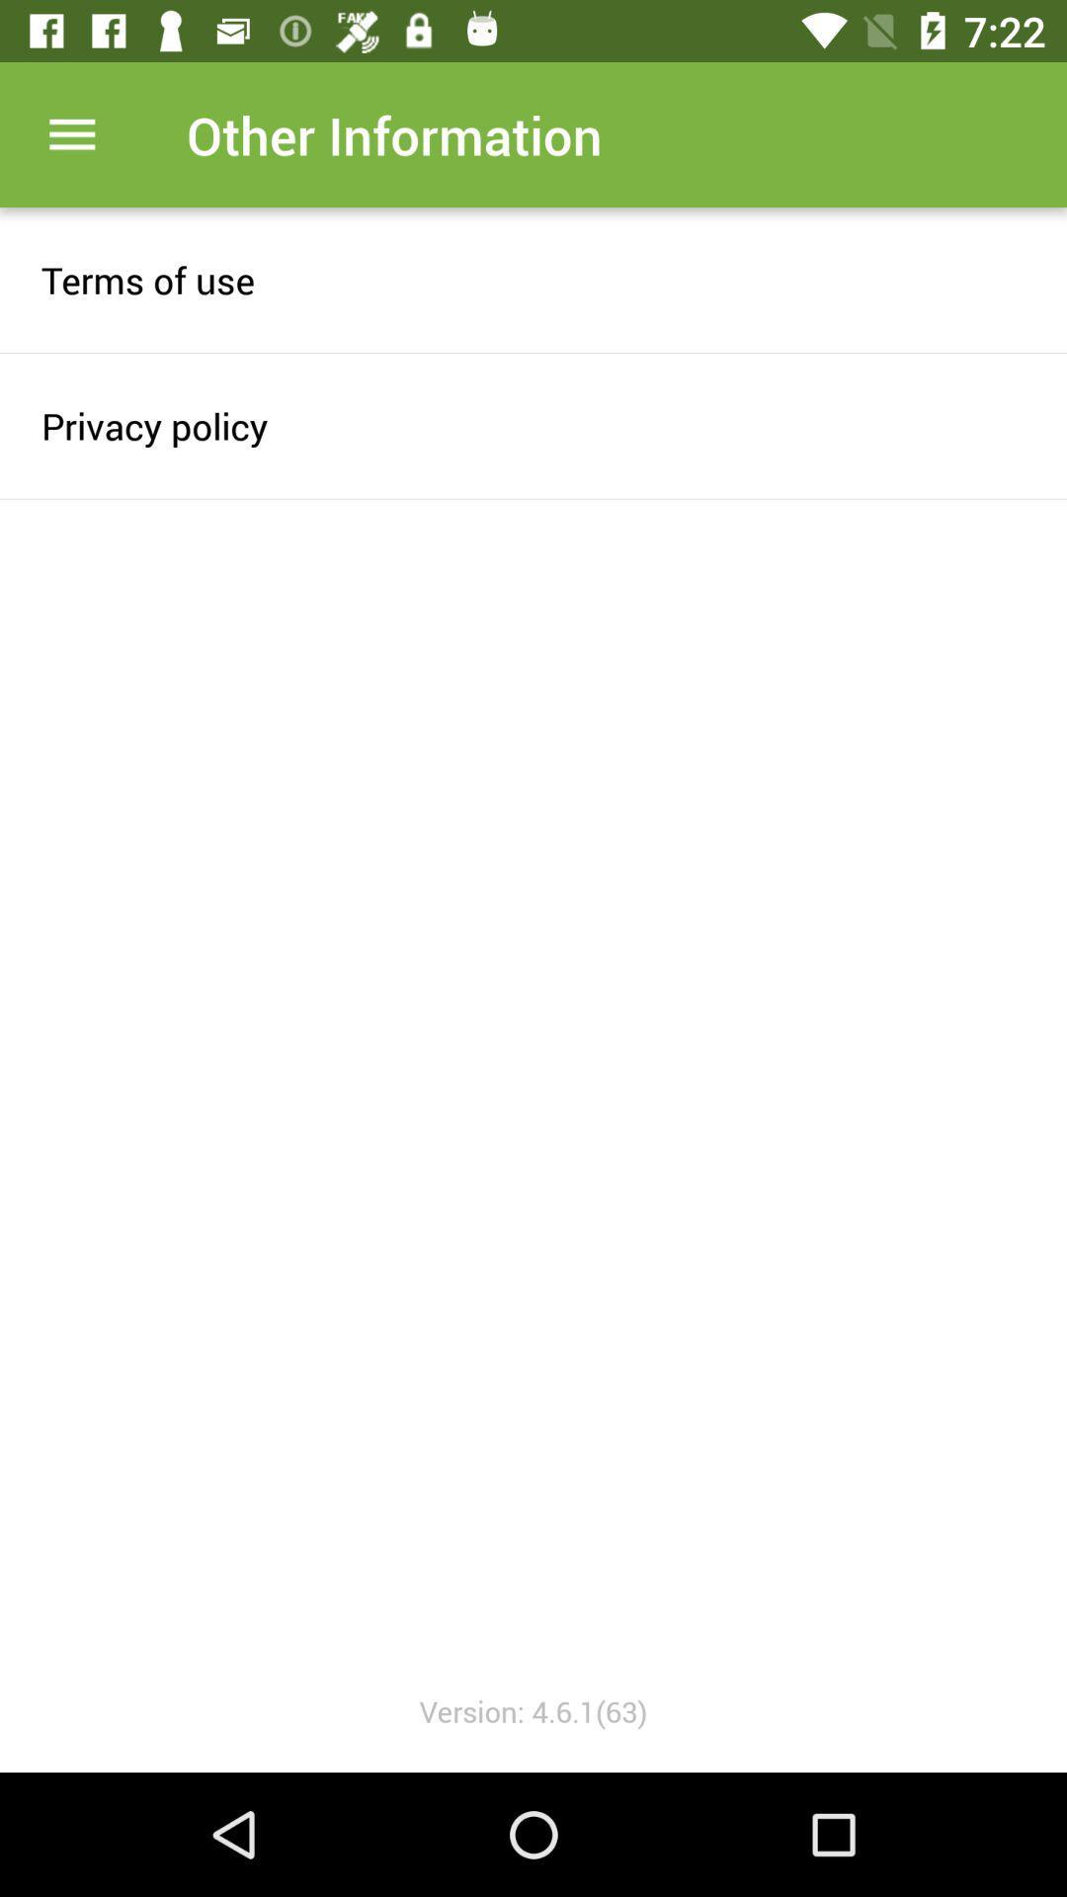 The width and height of the screenshot is (1067, 1897). What do you see at coordinates (533, 425) in the screenshot?
I see `item above the version 4 6` at bounding box center [533, 425].